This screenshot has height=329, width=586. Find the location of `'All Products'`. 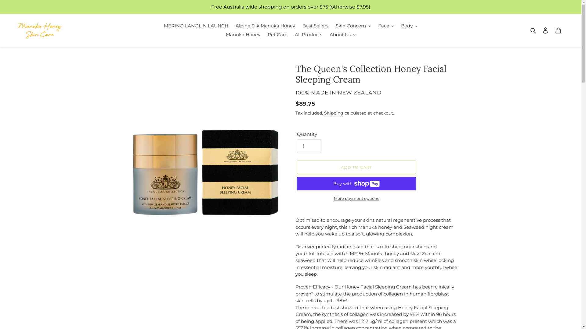

'All Products' is located at coordinates (309, 35).